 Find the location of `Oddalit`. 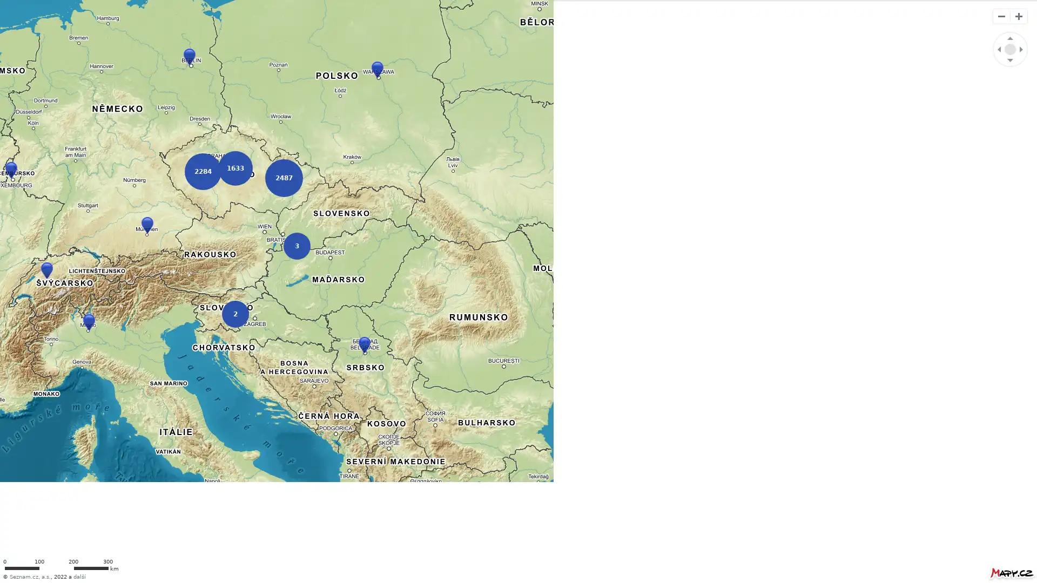

Oddalit is located at coordinates (1001, 16).